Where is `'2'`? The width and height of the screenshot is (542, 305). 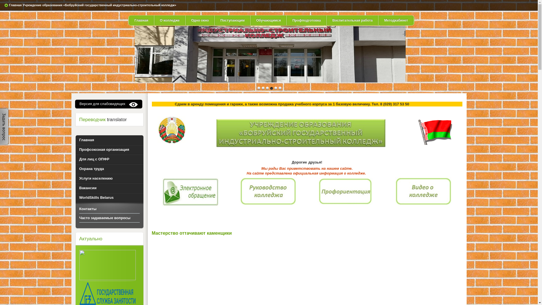
'2' is located at coordinates (267, 88).